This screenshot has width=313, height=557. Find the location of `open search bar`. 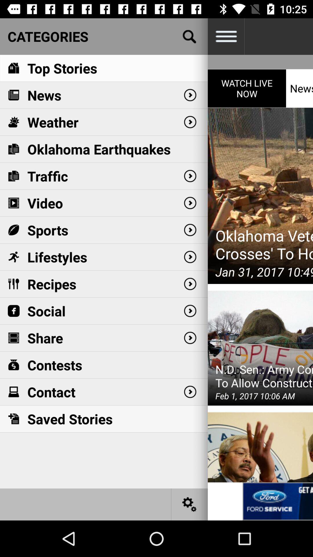

open search bar is located at coordinates (190, 36).